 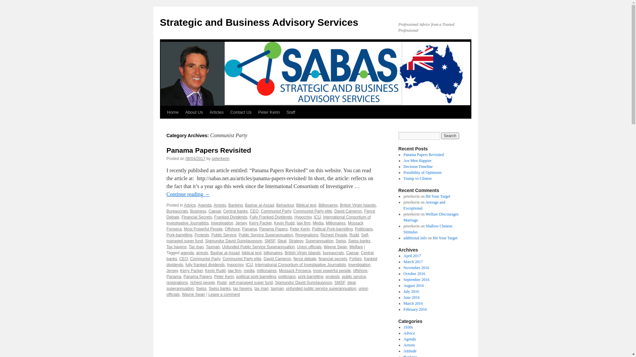 I want to click on 'August 2016', so click(x=413, y=285).